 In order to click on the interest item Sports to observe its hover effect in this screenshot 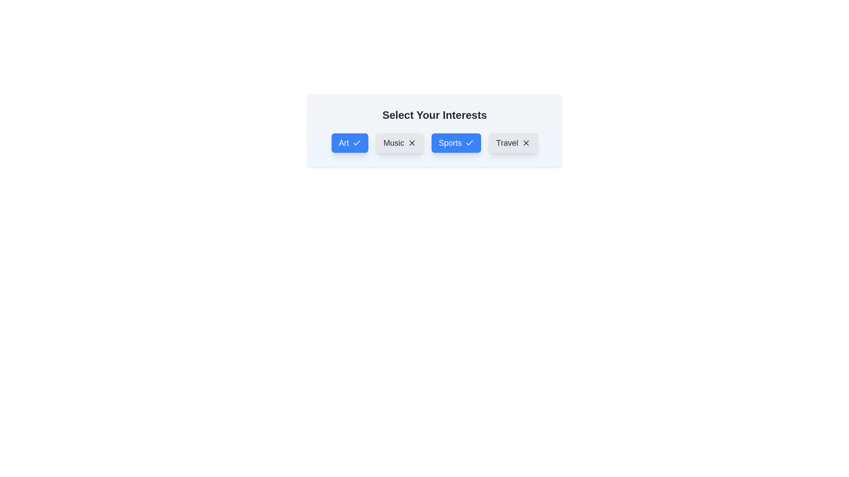, I will do `click(456, 143)`.